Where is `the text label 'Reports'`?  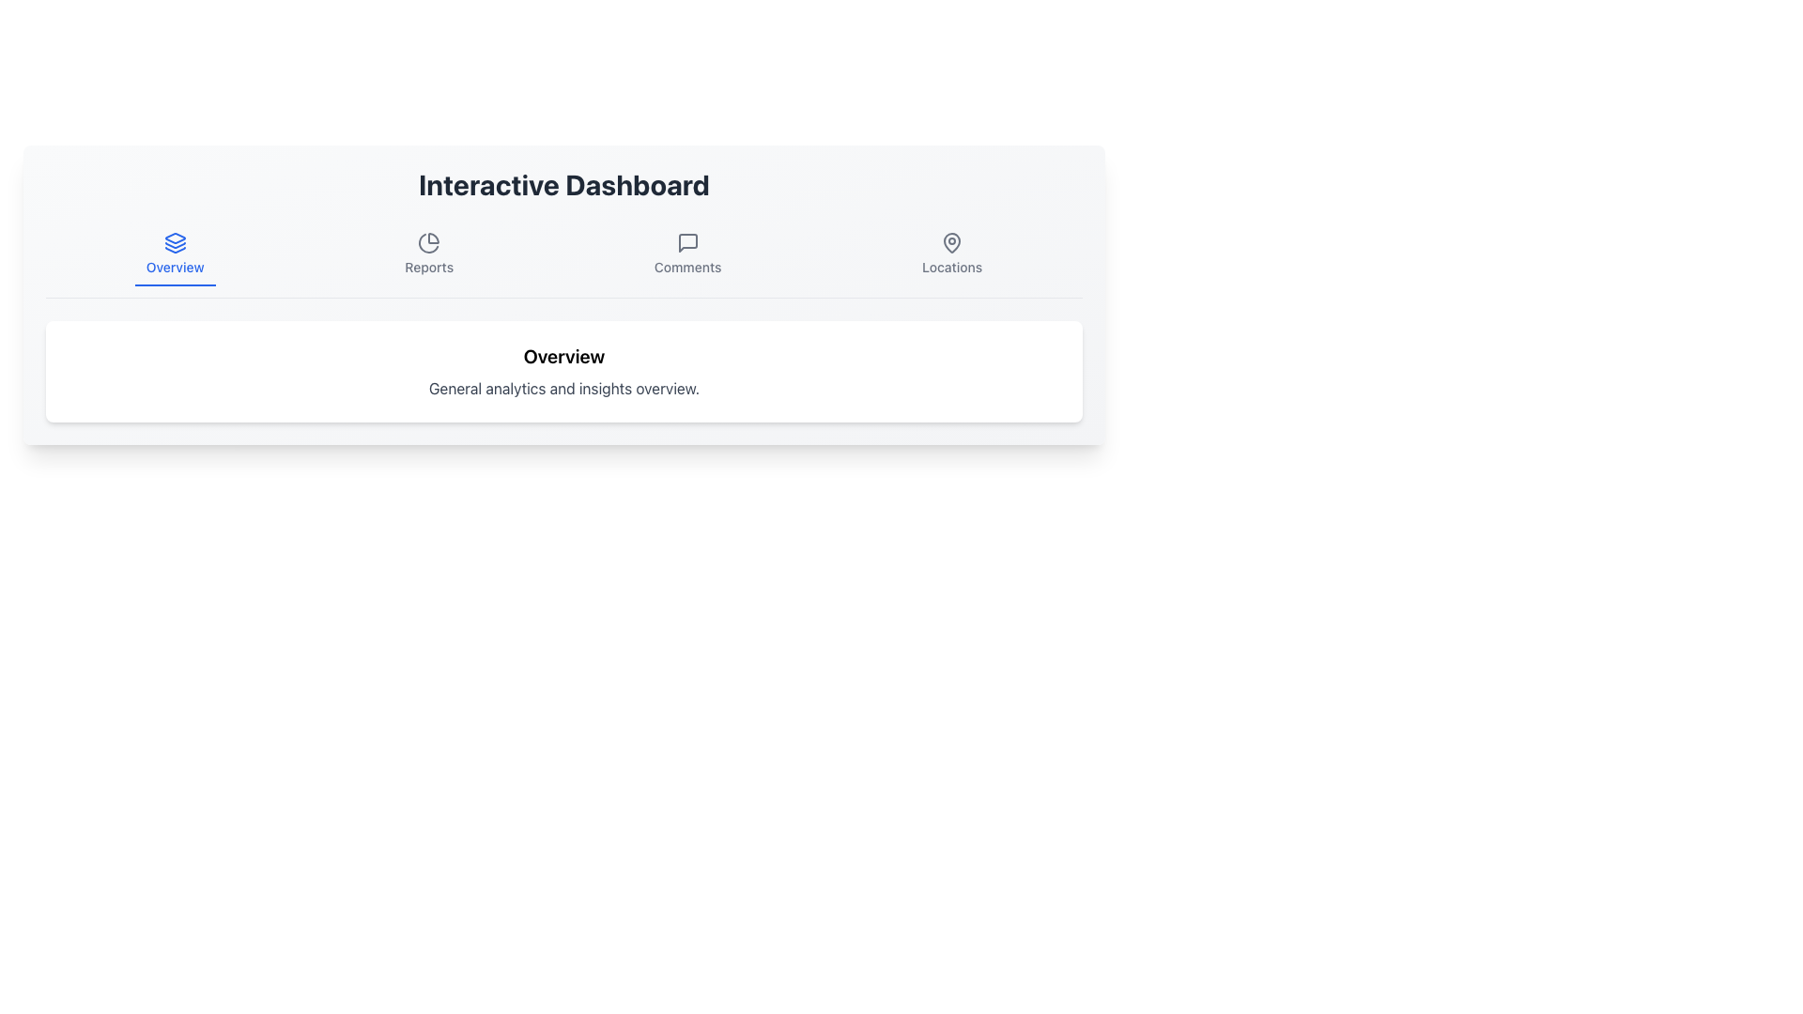 the text label 'Reports' is located at coordinates (428, 268).